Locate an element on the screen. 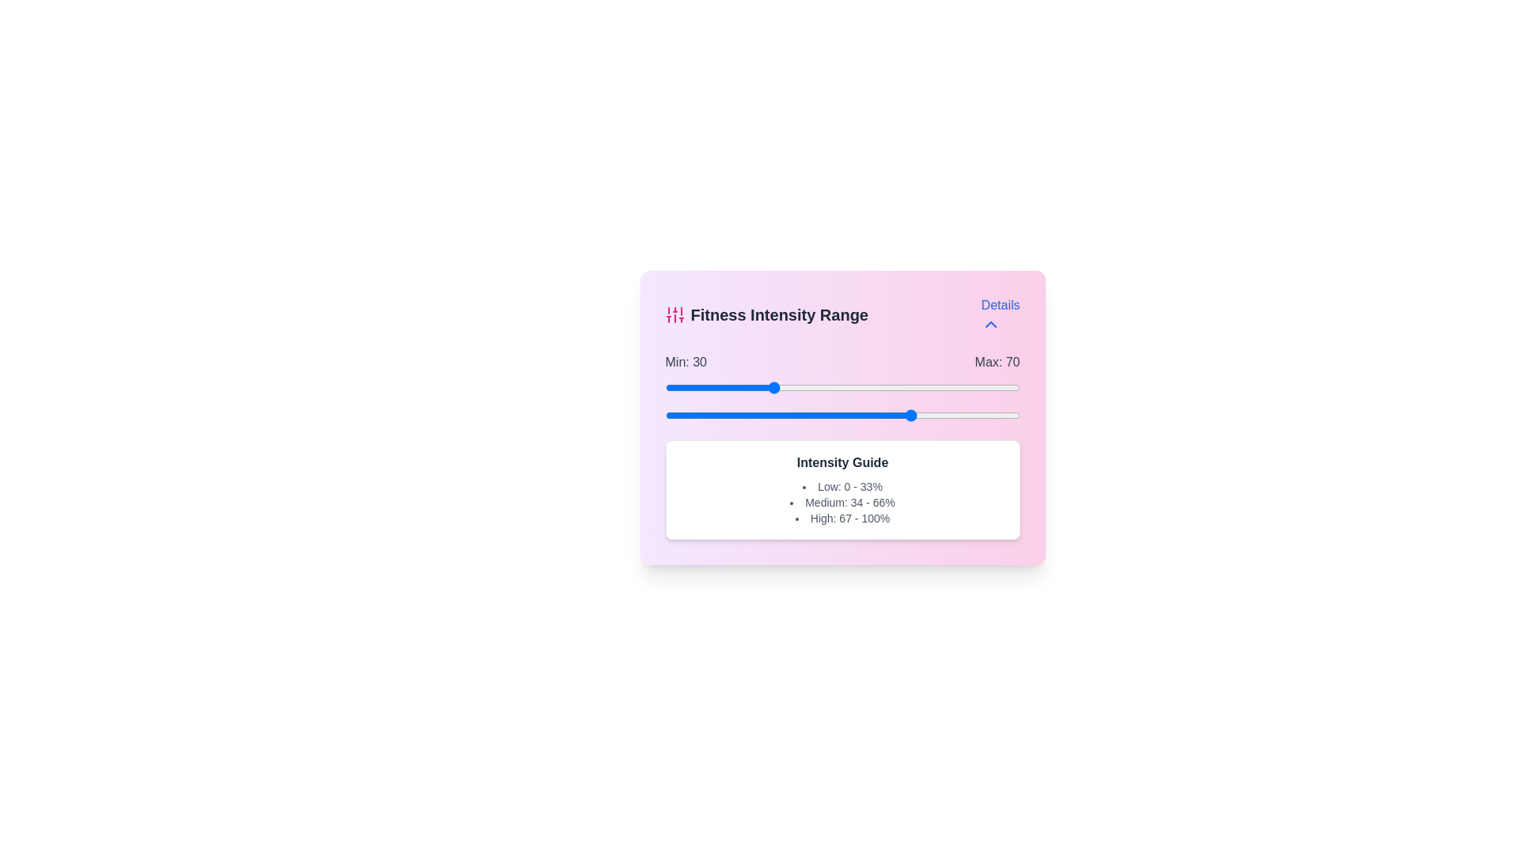 Image resolution: width=1520 pixels, height=855 pixels. the maximum intensity range slider to 33 percent is located at coordinates (782, 414).